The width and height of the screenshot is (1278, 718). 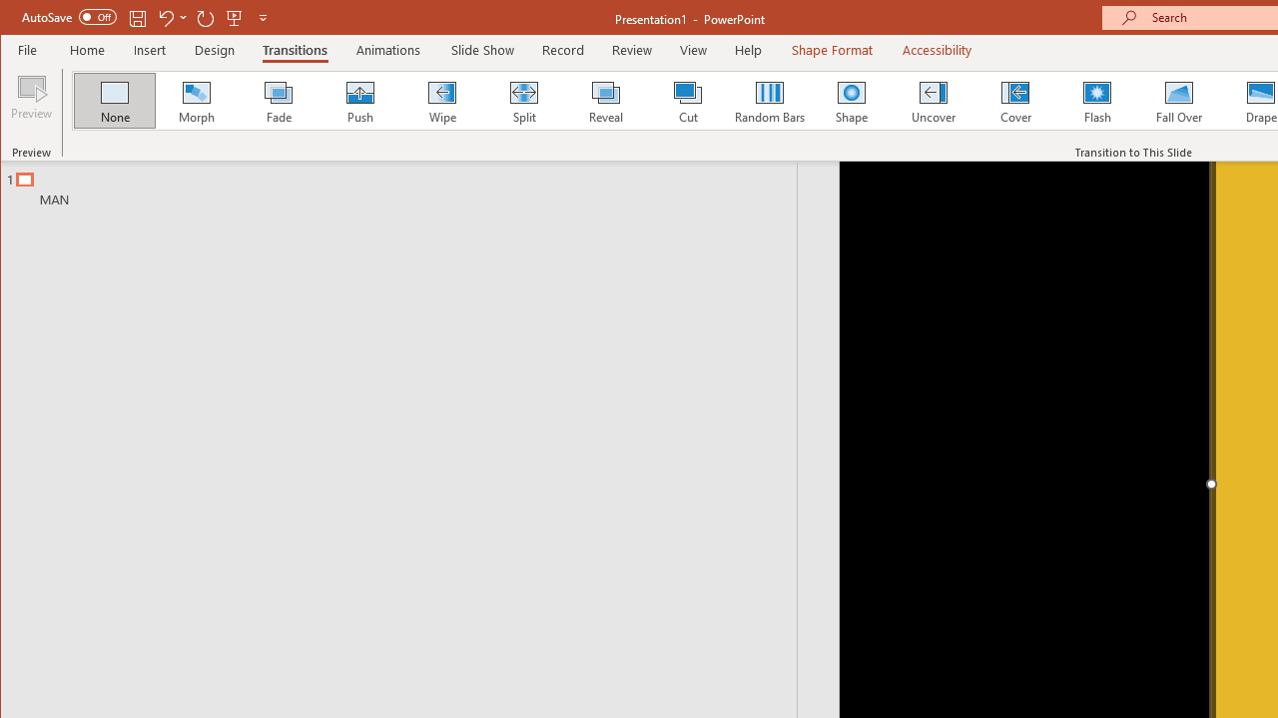 I want to click on 'Home', so click(x=86, y=49).